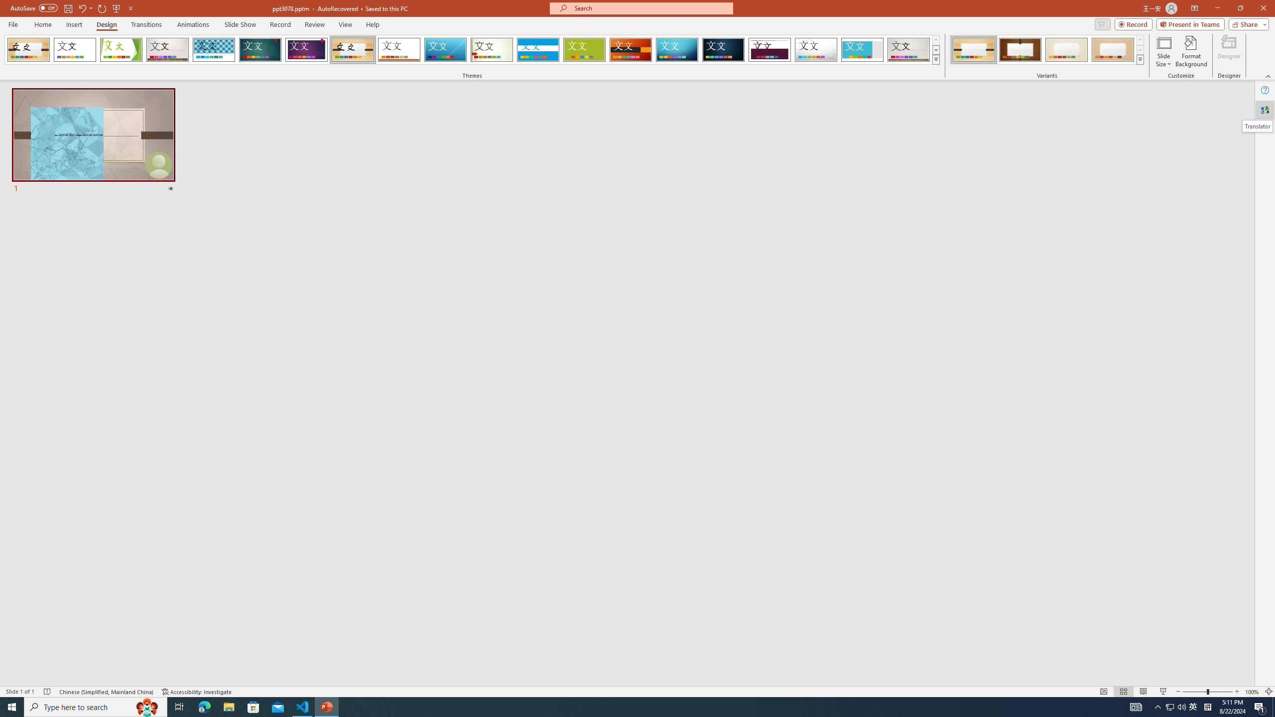  I want to click on 'Row Down', so click(1139, 49).